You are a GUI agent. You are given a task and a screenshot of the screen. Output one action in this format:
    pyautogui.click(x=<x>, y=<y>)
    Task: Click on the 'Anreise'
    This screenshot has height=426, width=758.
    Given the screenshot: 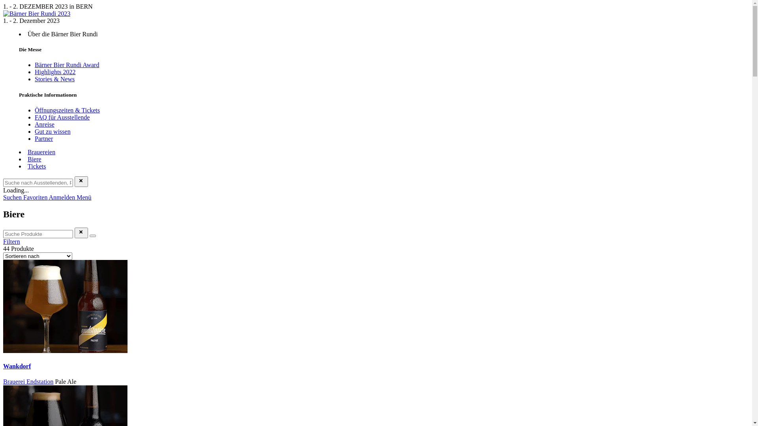 What is the action you would take?
    pyautogui.click(x=44, y=124)
    